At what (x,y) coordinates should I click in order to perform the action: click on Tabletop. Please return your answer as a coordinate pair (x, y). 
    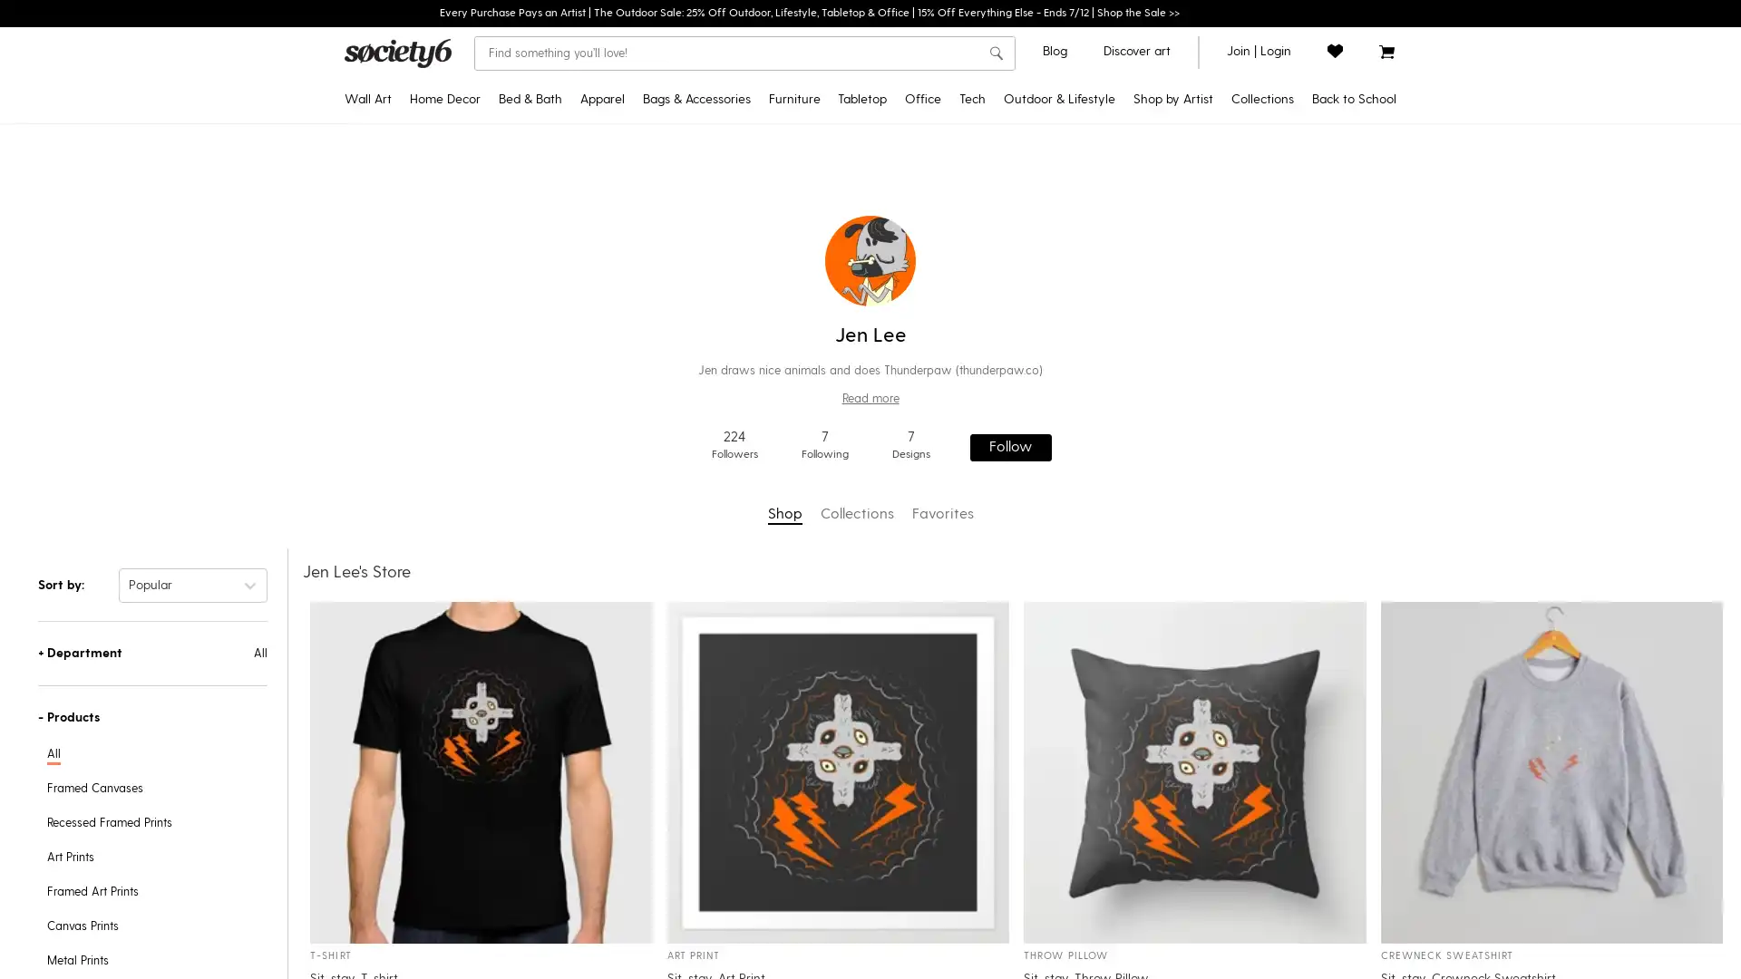
    Looking at the image, I should click on (861, 100).